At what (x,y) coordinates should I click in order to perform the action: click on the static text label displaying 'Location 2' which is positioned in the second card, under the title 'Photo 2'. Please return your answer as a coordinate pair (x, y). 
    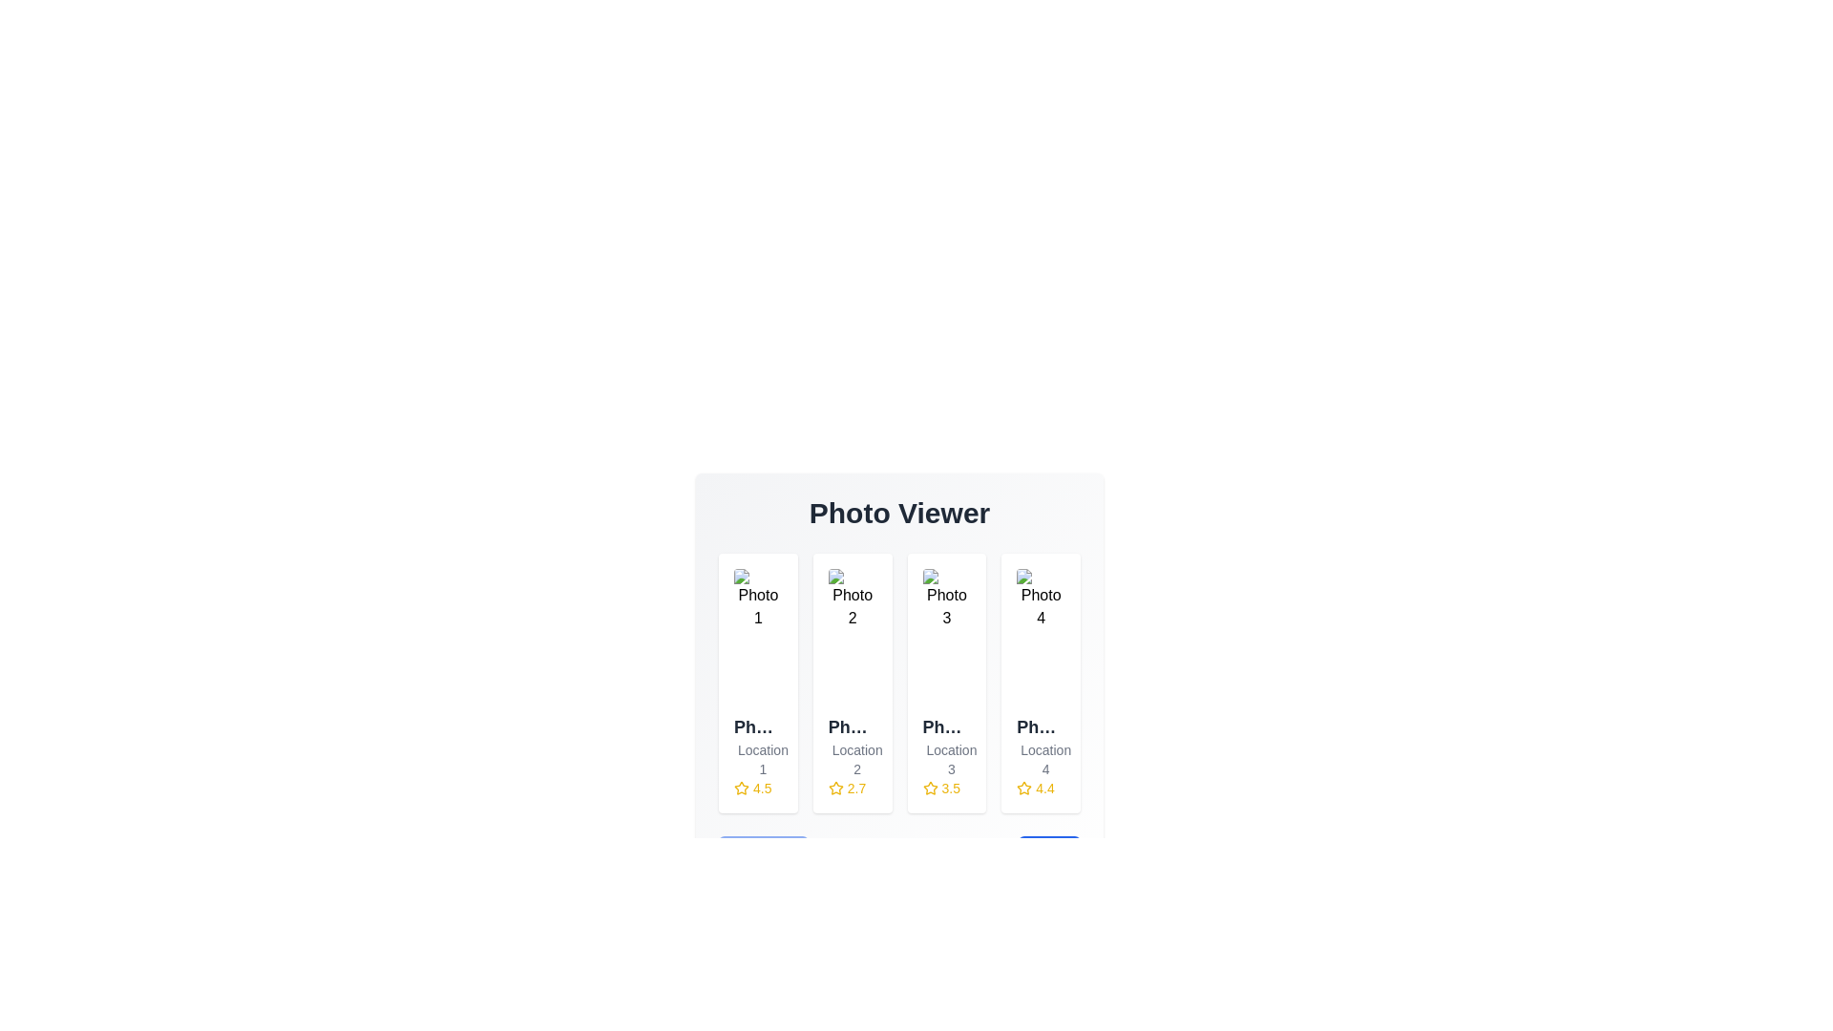
    Looking at the image, I should click on (852, 758).